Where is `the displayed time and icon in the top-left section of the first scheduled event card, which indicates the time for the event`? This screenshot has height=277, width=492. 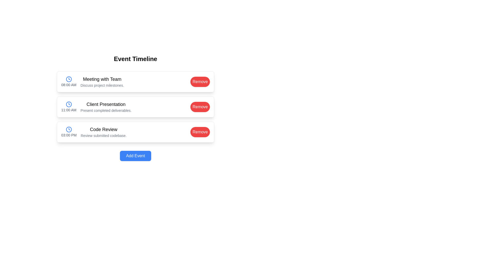
the displayed time and icon in the top-left section of the first scheduled event card, which indicates the time for the event is located at coordinates (68, 82).